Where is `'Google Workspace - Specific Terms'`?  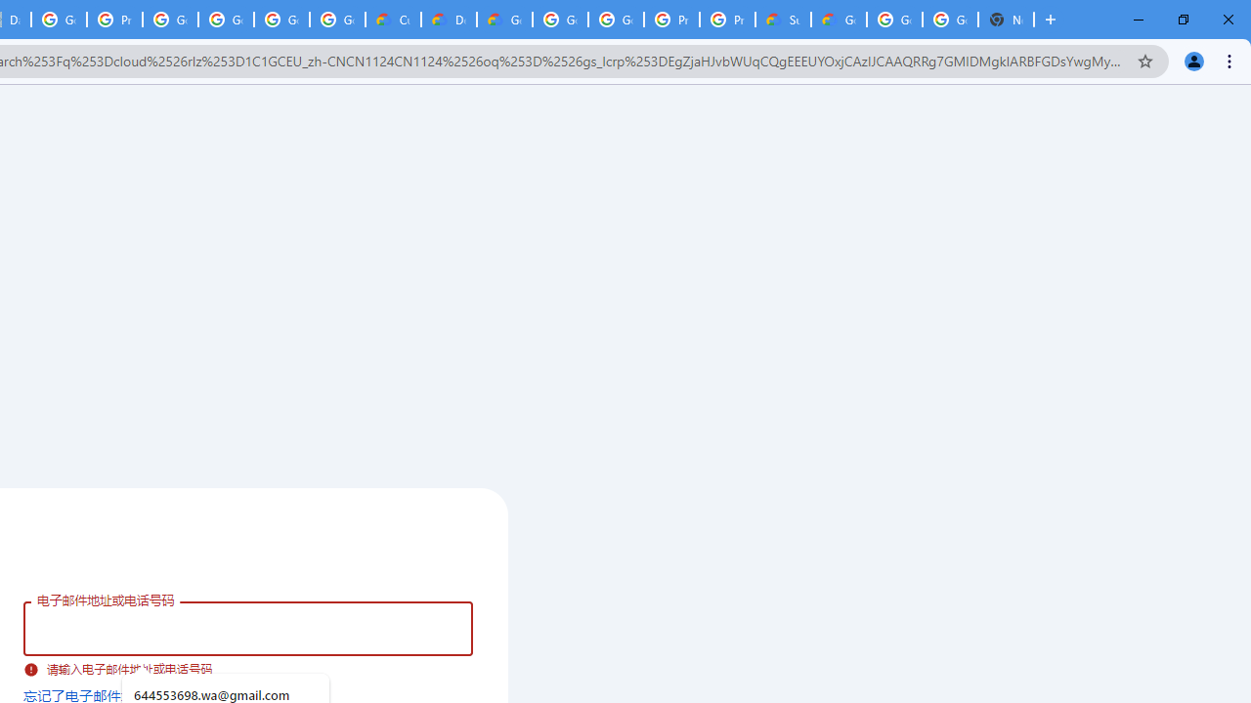
'Google Workspace - Specific Terms' is located at coordinates (280, 20).